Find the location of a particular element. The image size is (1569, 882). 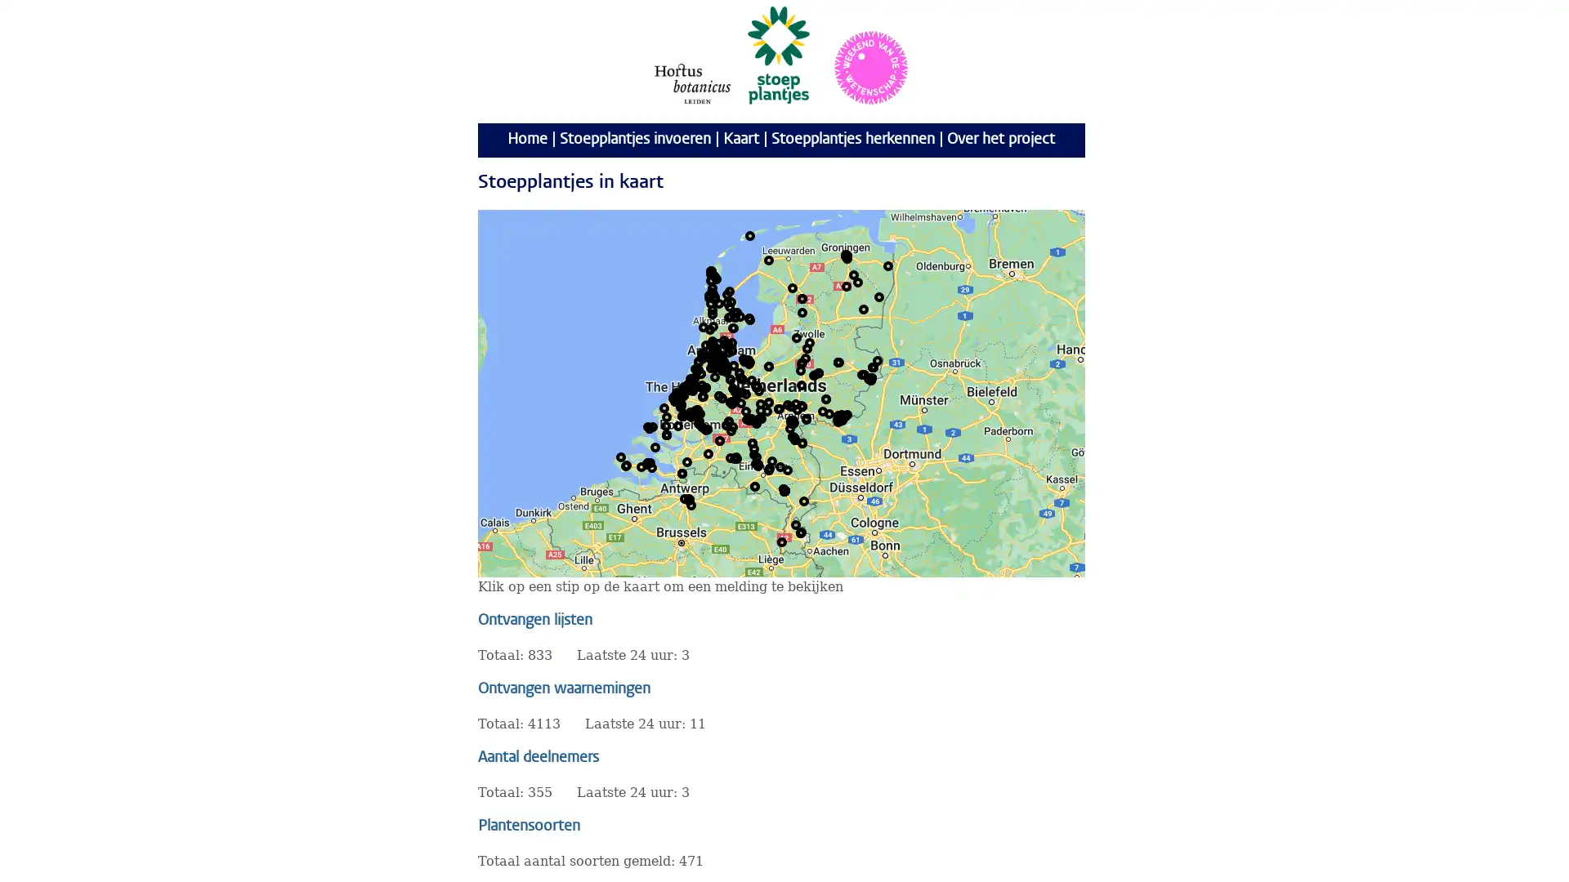

Telling van Linney Koornneef op 03 juni 2022 is located at coordinates (667, 434).